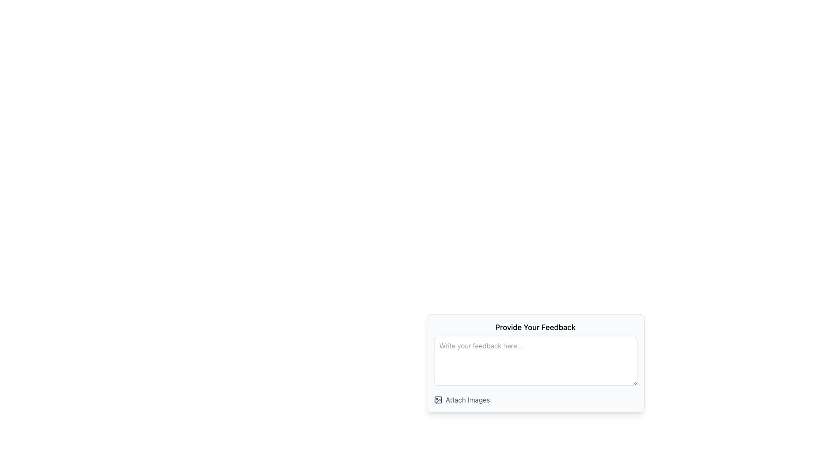 This screenshot has height=460, width=817. Describe the element at coordinates (438, 400) in the screenshot. I see `graphical icon element positioned within the top-left region of the image icon for debugging purposes` at that location.